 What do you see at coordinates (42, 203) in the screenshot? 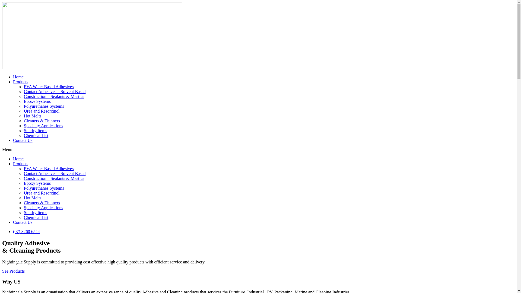
I see `'Cleaners & Thinners'` at bounding box center [42, 203].